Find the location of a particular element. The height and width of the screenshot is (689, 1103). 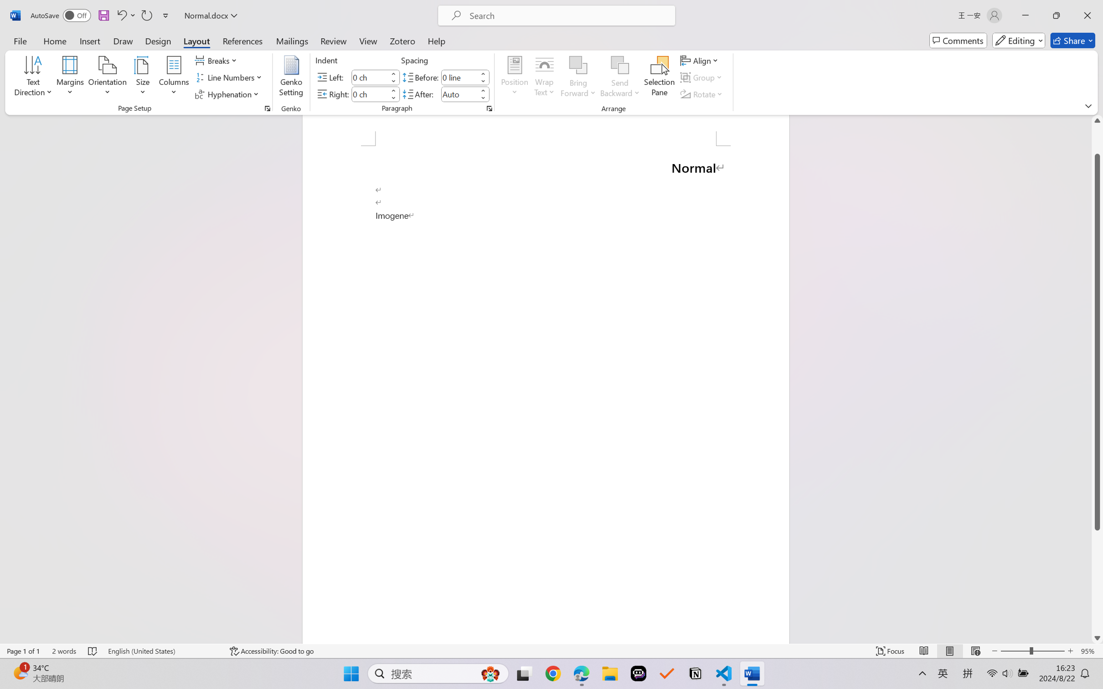

'Class: MsoCommandBar' is located at coordinates (551, 651).